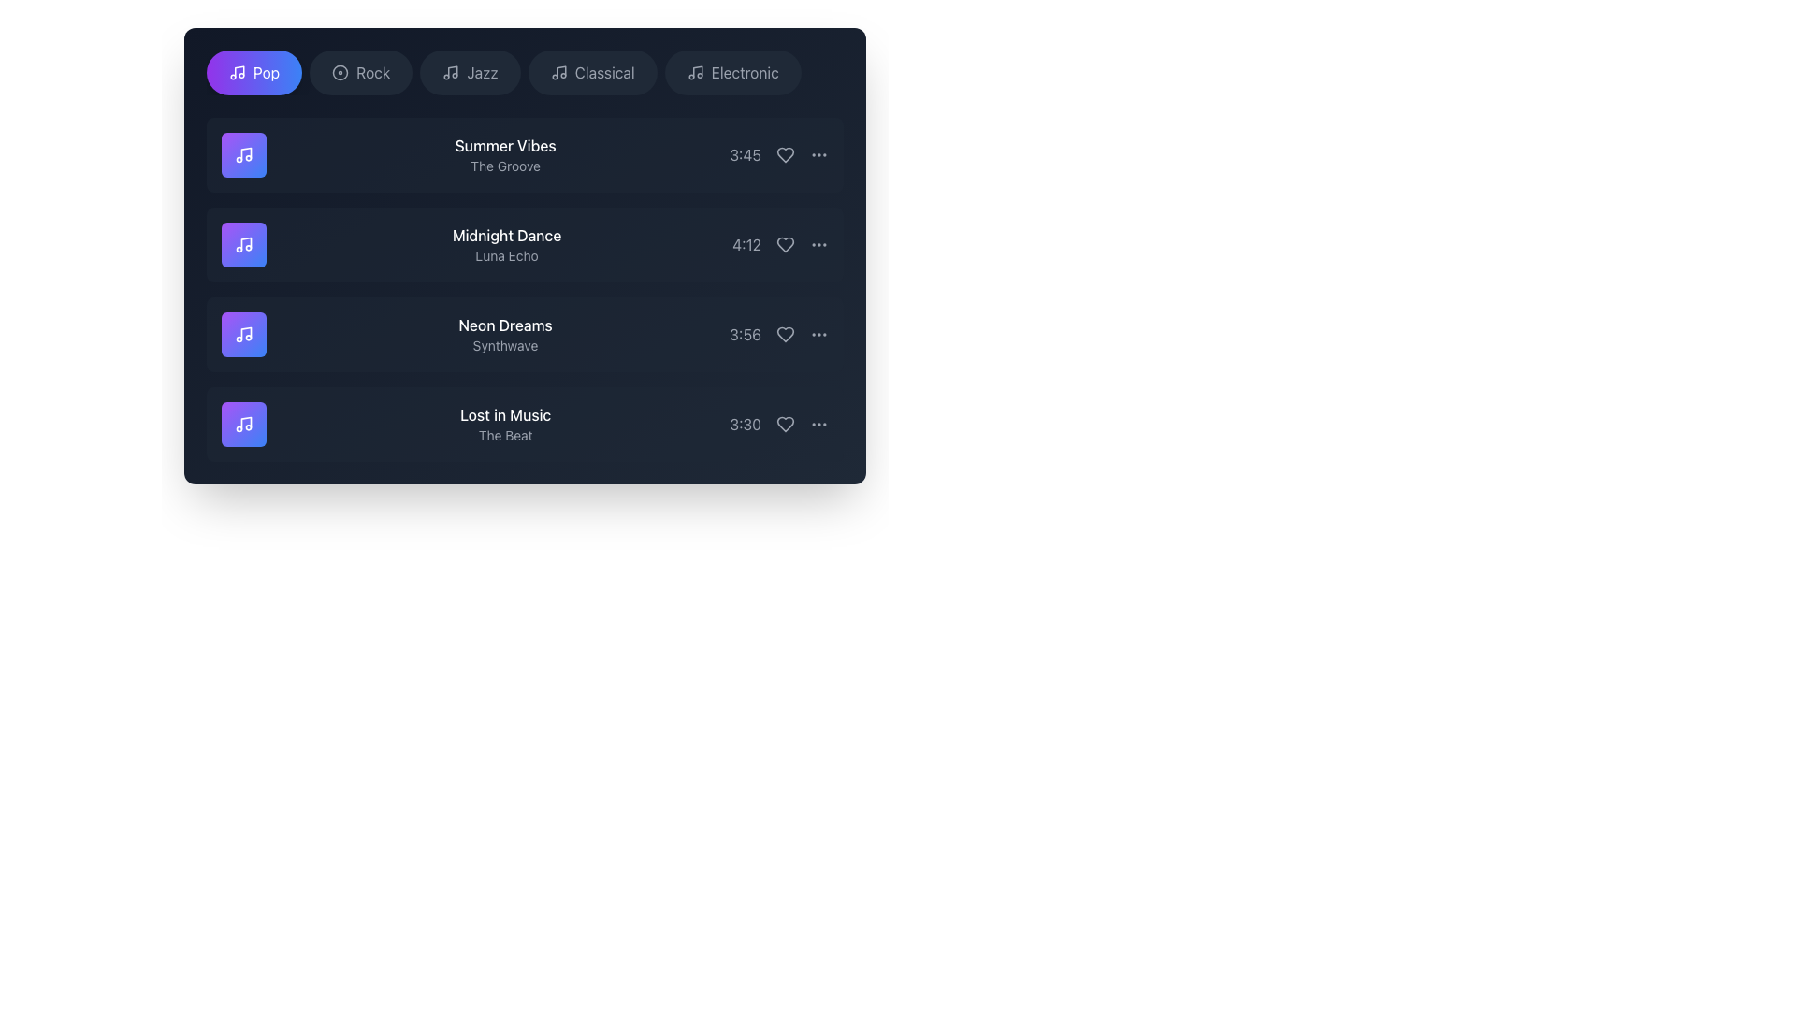  I want to click on text displayed prominently as 'Lost in Music', which is styled in white against a dark background and represents a song title in a list of entries, so click(505, 413).